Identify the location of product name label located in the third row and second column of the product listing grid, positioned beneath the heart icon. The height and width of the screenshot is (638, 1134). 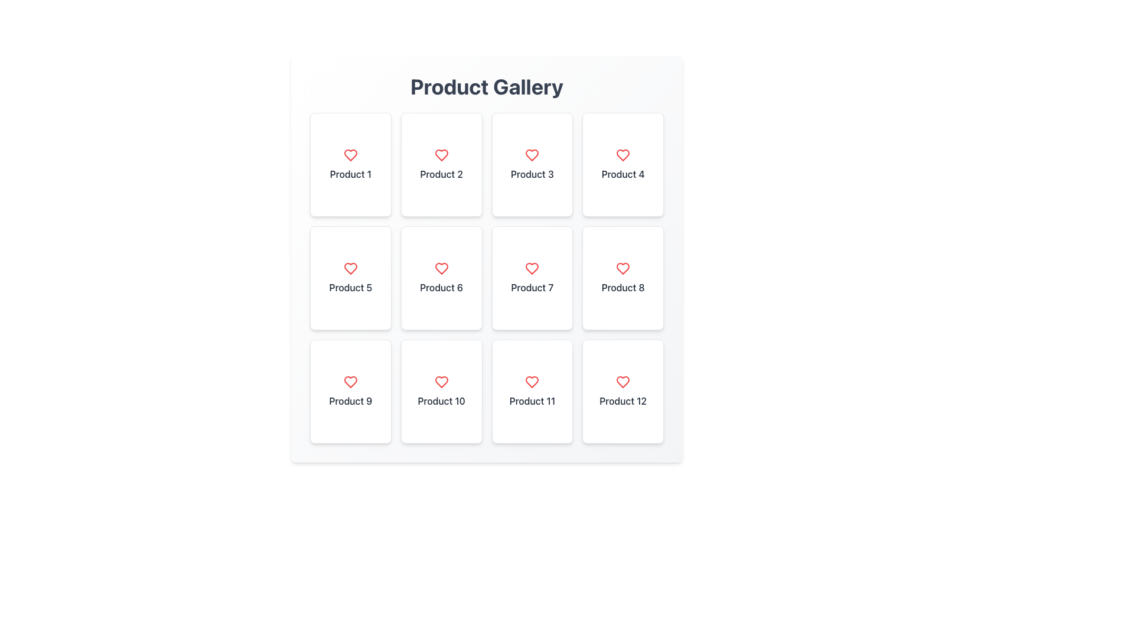
(441, 400).